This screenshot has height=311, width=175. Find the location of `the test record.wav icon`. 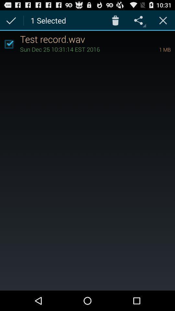

the test record.wav icon is located at coordinates (97, 39).